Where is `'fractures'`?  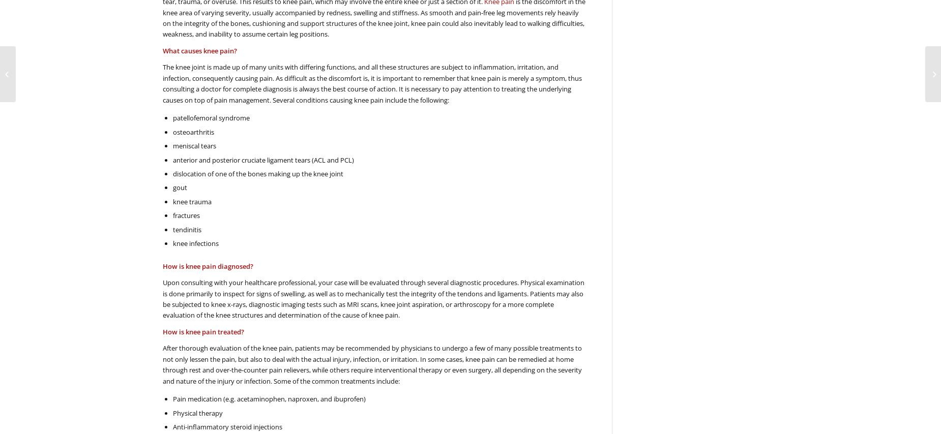
'fractures' is located at coordinates (186, 215).